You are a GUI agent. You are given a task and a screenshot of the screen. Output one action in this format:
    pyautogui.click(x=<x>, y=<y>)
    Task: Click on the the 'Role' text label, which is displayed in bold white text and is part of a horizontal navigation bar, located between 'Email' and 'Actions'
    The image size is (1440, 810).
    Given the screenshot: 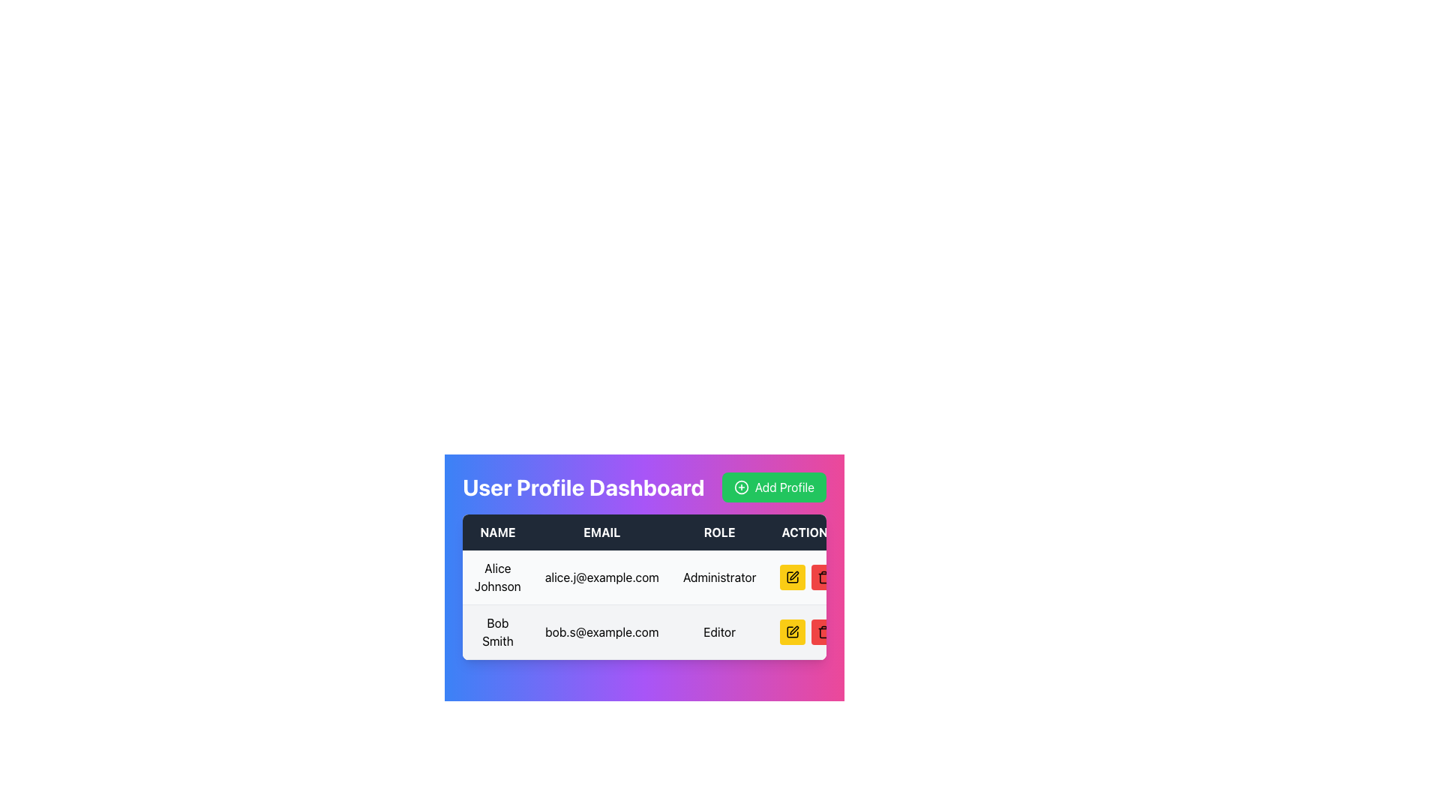 What is the action you would take?
    pyautogui.click(x=718, y=531)
    